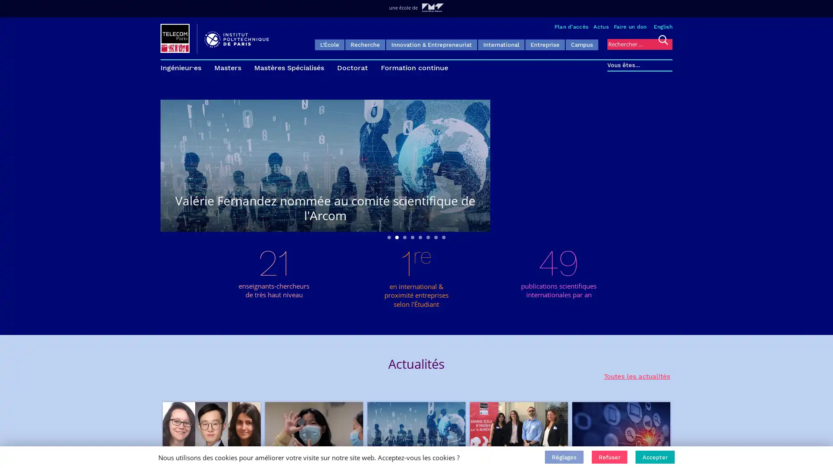  Describe the element at coordinates (609, 456) in the screenshot. I see `Refuser` at that location.